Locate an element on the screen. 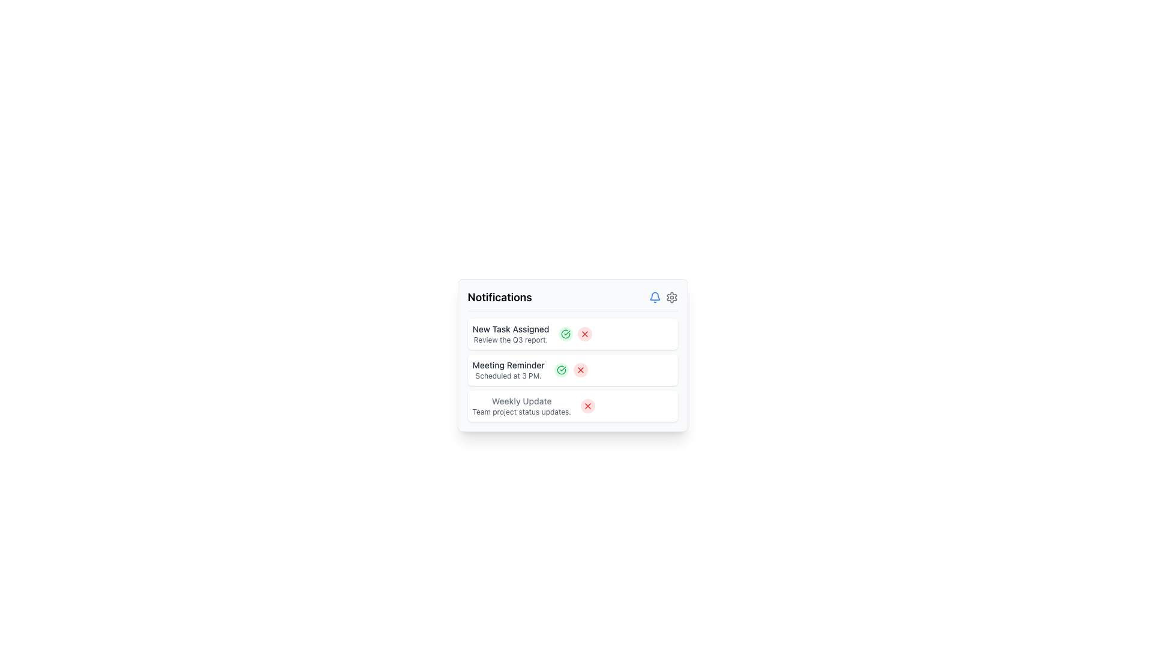 The image size is (1152, 648). the Text Label displaying 'Team project status updates.' located below 'Weekly Update' in the notification section is located at coordinates (521, 411).